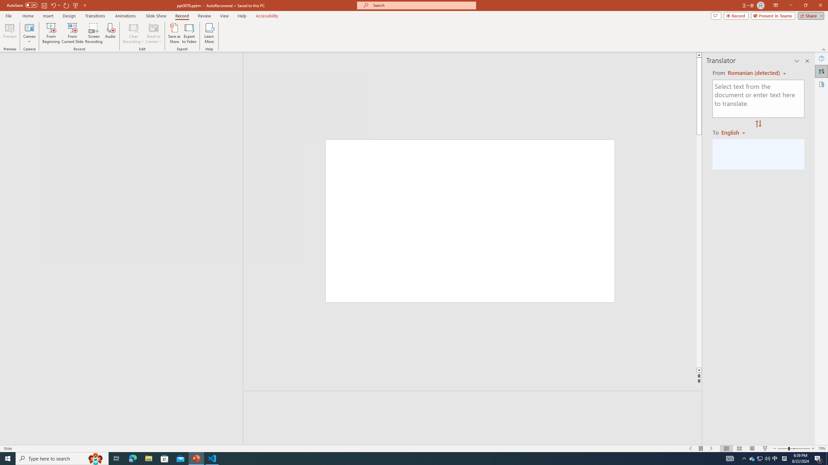  What do you see at coordinates (752, 449) in the screenshot?
I see `'Reading View'` at bounding box center [752, 449].